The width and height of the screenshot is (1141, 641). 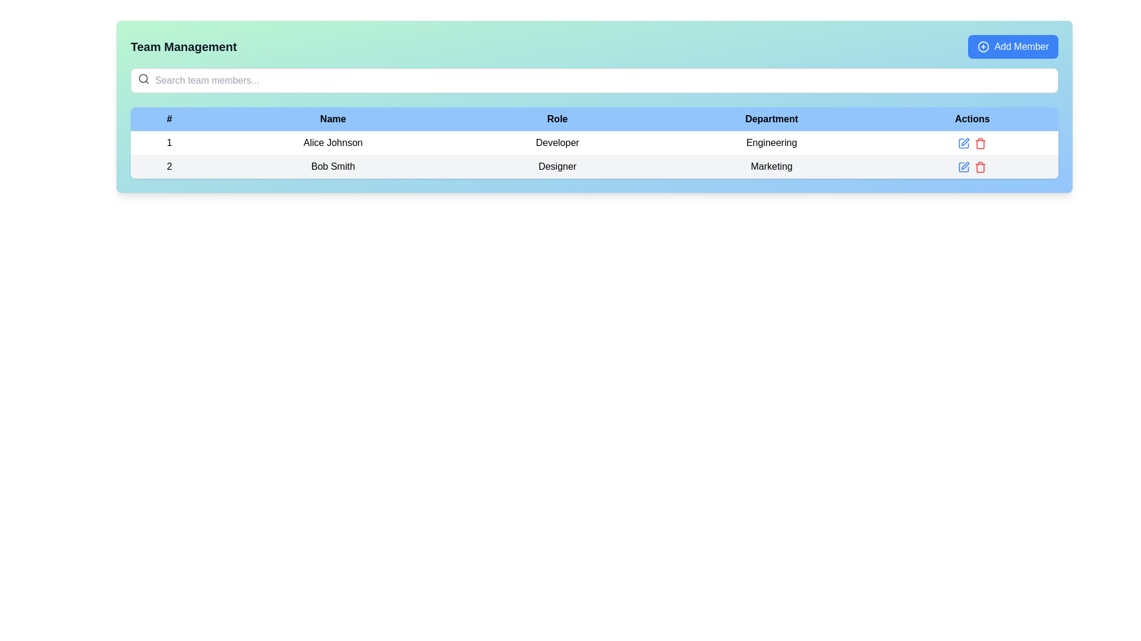 What do you see at coordinates (984, 46) in the screenshot?
I see `the SVG circle element that is part of the 'Add Member' button, located in the top-right corner of the interface` at bounding box center [984, 46].